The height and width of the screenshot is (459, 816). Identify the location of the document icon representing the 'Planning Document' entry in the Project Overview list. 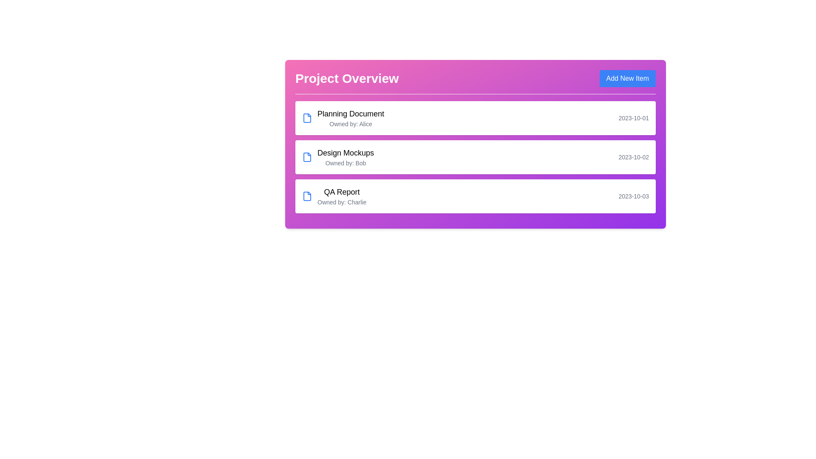
(307, 118).